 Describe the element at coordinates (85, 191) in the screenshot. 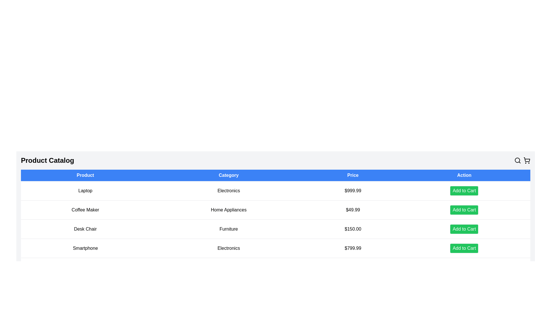

I see `the text label displaying 'Laptop' located under the 'Product' column in the first row of the table` at that location.